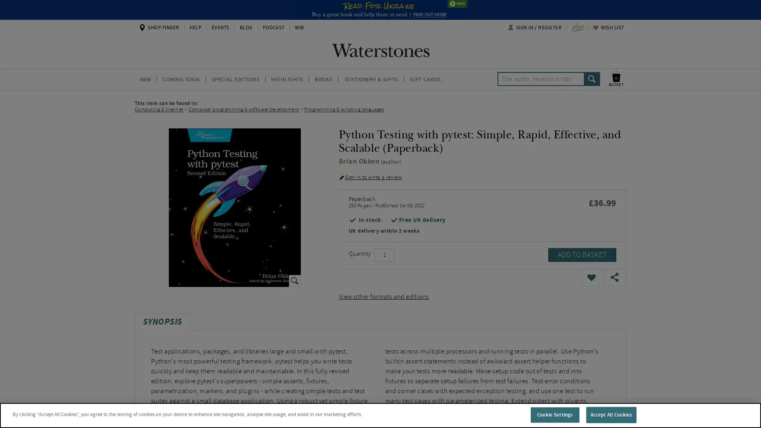 The image size is (761, 428). I want to click on Accept All Cookies, so click(610, 414).